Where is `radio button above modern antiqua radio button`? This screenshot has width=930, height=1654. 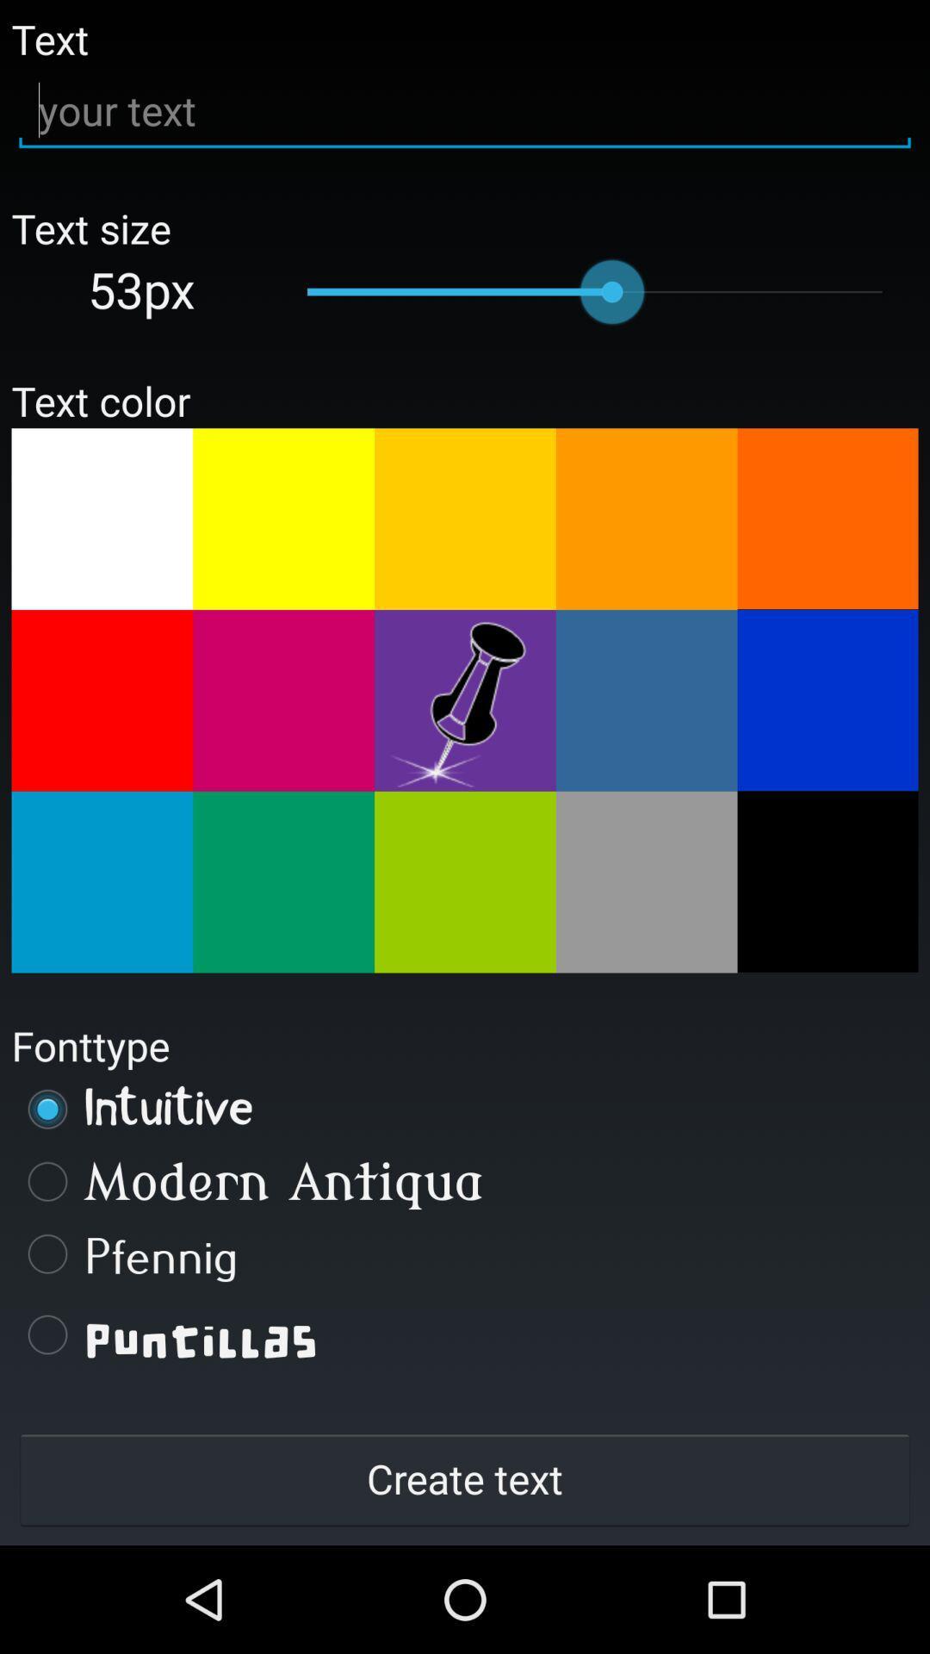
radio button above modern antiqua radio button is located at coordinates (465, 1109).